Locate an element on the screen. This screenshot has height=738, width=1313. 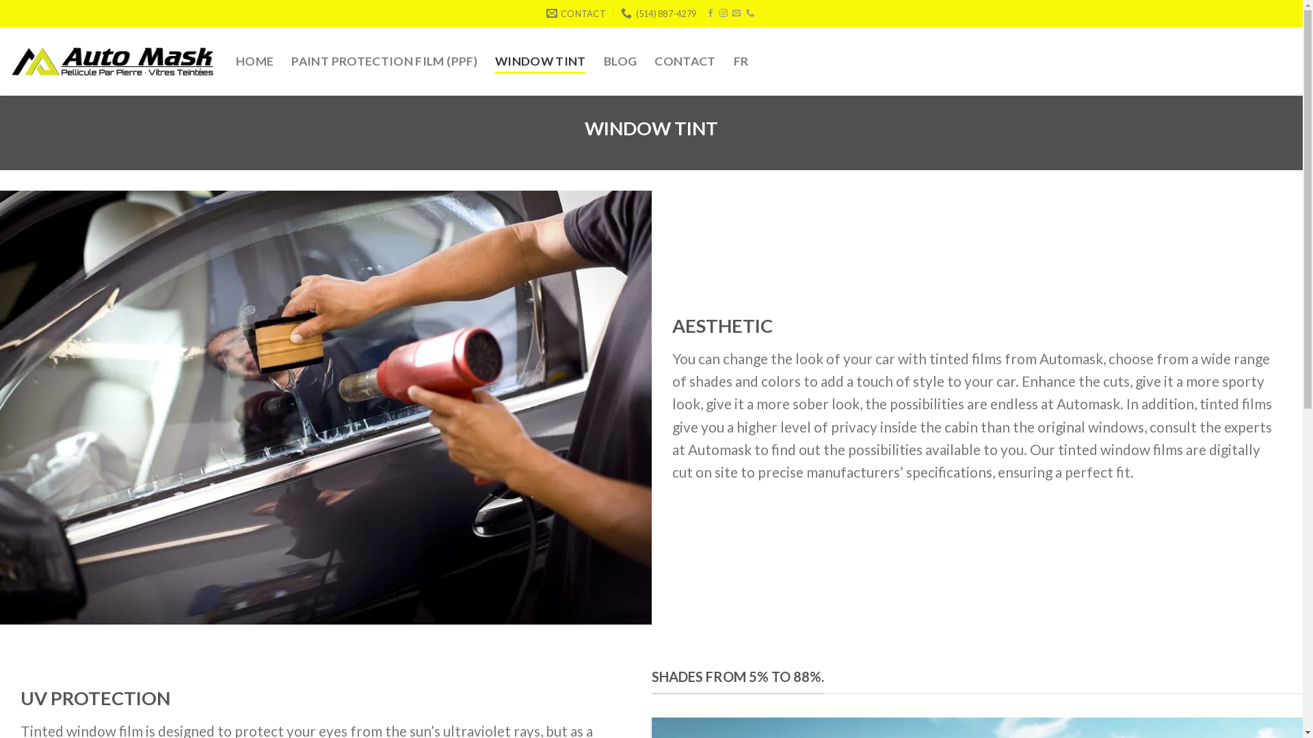
'Follow on Instagram' is located at coordinates (718, 13).